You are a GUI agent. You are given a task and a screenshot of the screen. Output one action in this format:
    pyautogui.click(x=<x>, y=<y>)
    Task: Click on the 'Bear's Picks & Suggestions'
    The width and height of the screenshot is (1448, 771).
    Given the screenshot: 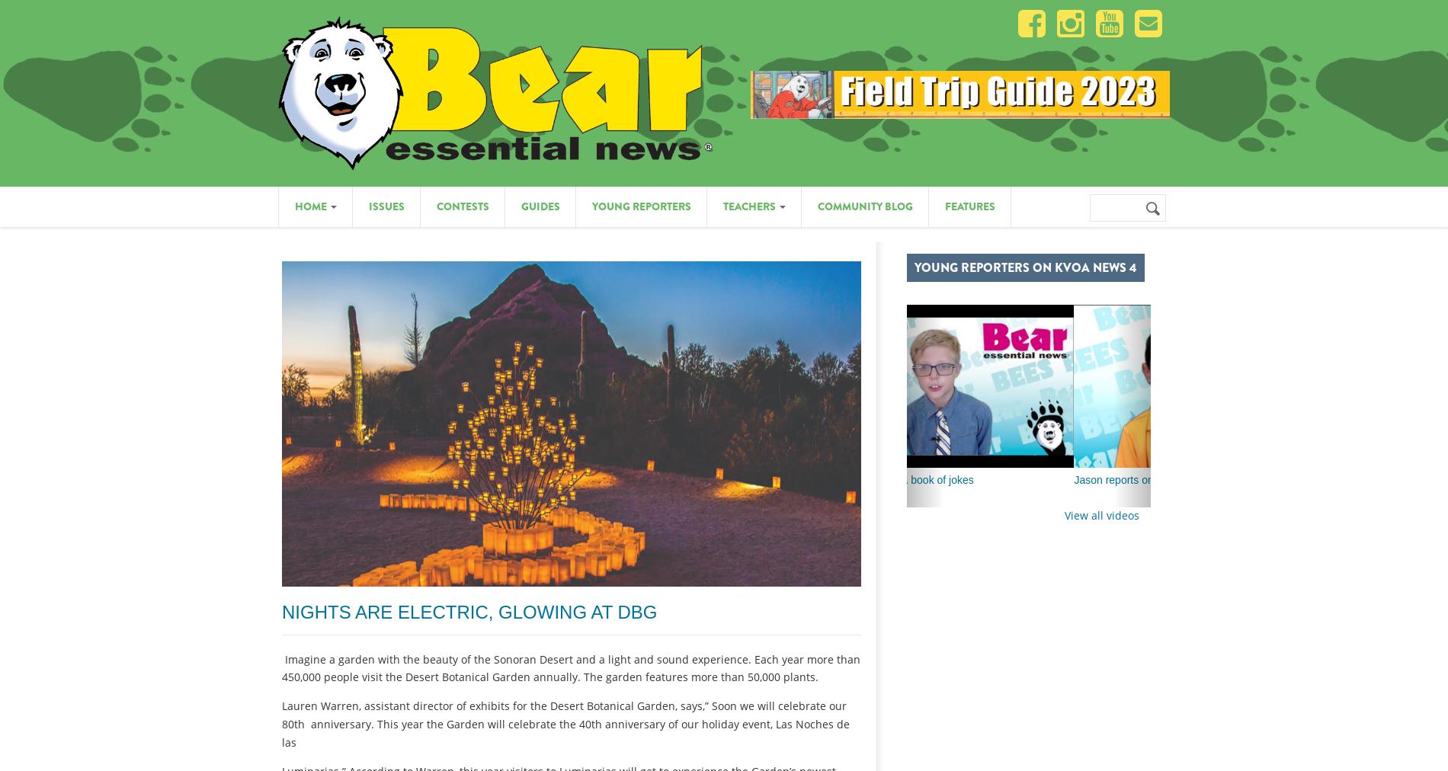 What is the action you would take?
    pyautogui.click(x=849, y=152)
    